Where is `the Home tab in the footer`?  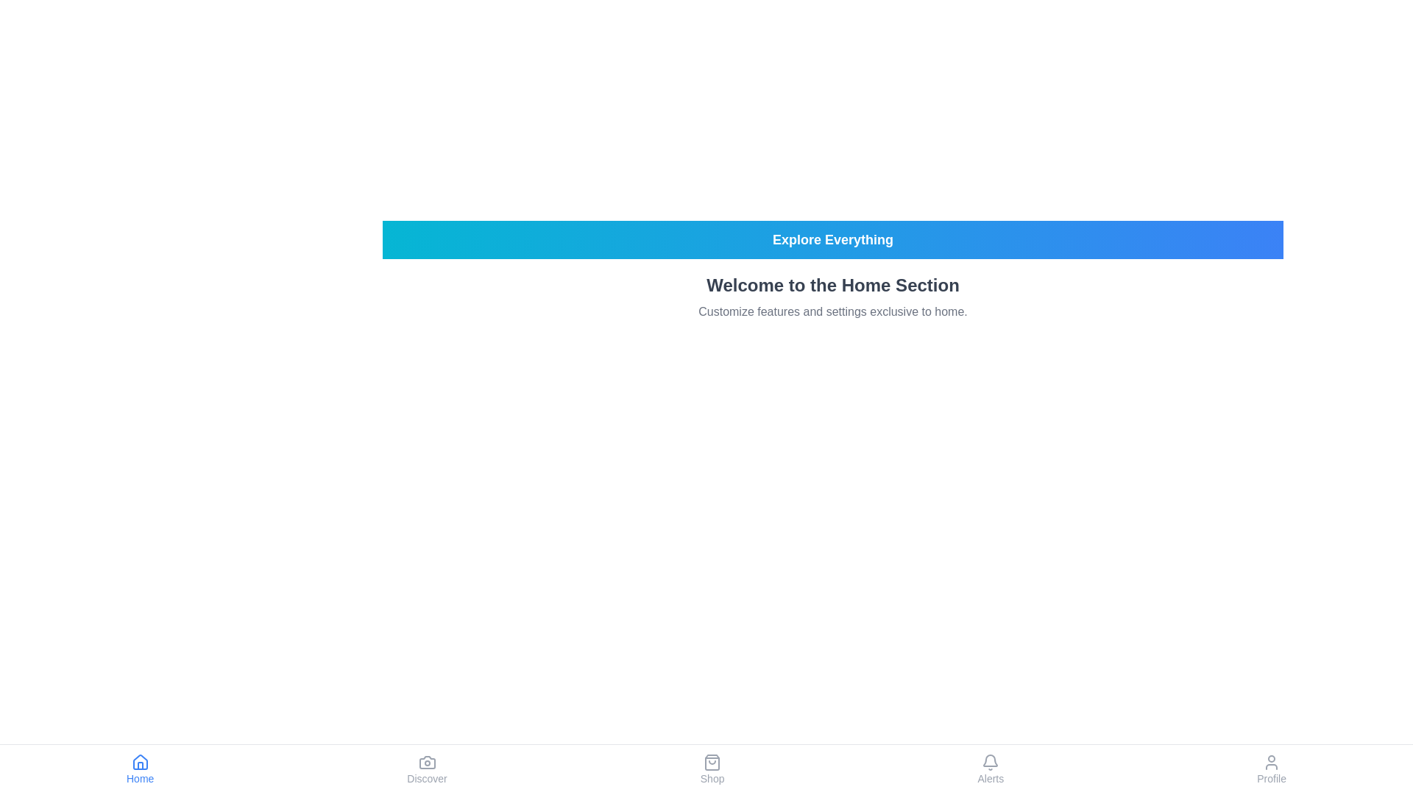
the Home tab in the footer is located at coordinates (140, 768).